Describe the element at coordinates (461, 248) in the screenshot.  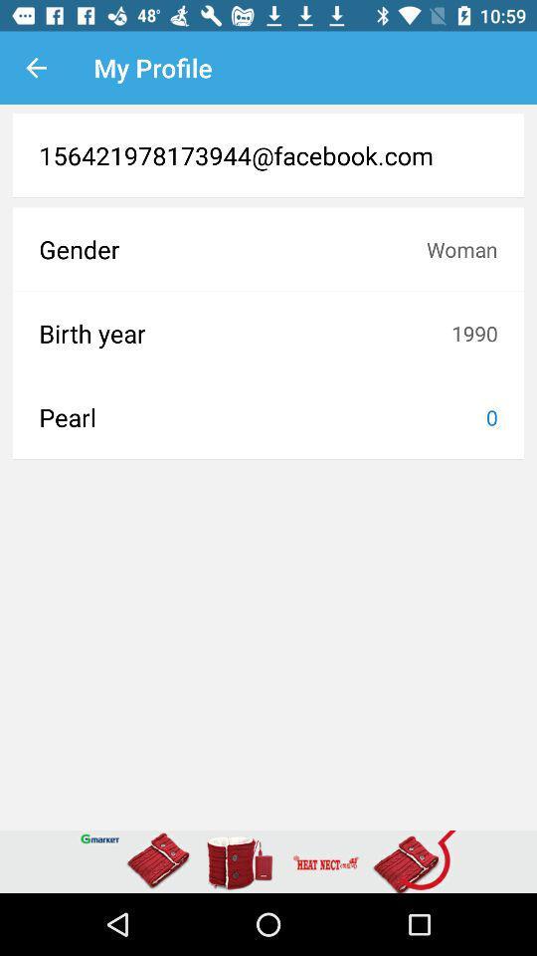
I see `the item above birth year item` at that location.